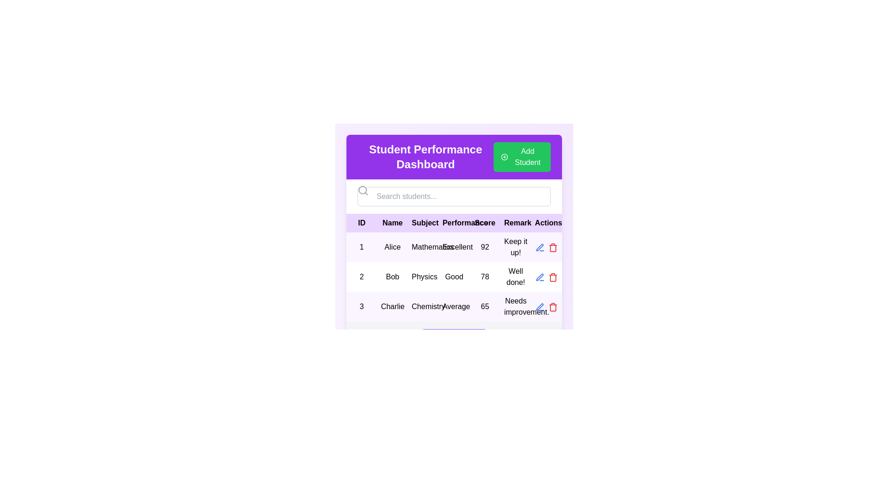 The image size is (894, 502). What do you see at coordinates (454, 247) in the screenshot?
I see `the topmost row in the student data table displaying information about 'Alice', which has a light purple background` at bounding box center [454, 247].